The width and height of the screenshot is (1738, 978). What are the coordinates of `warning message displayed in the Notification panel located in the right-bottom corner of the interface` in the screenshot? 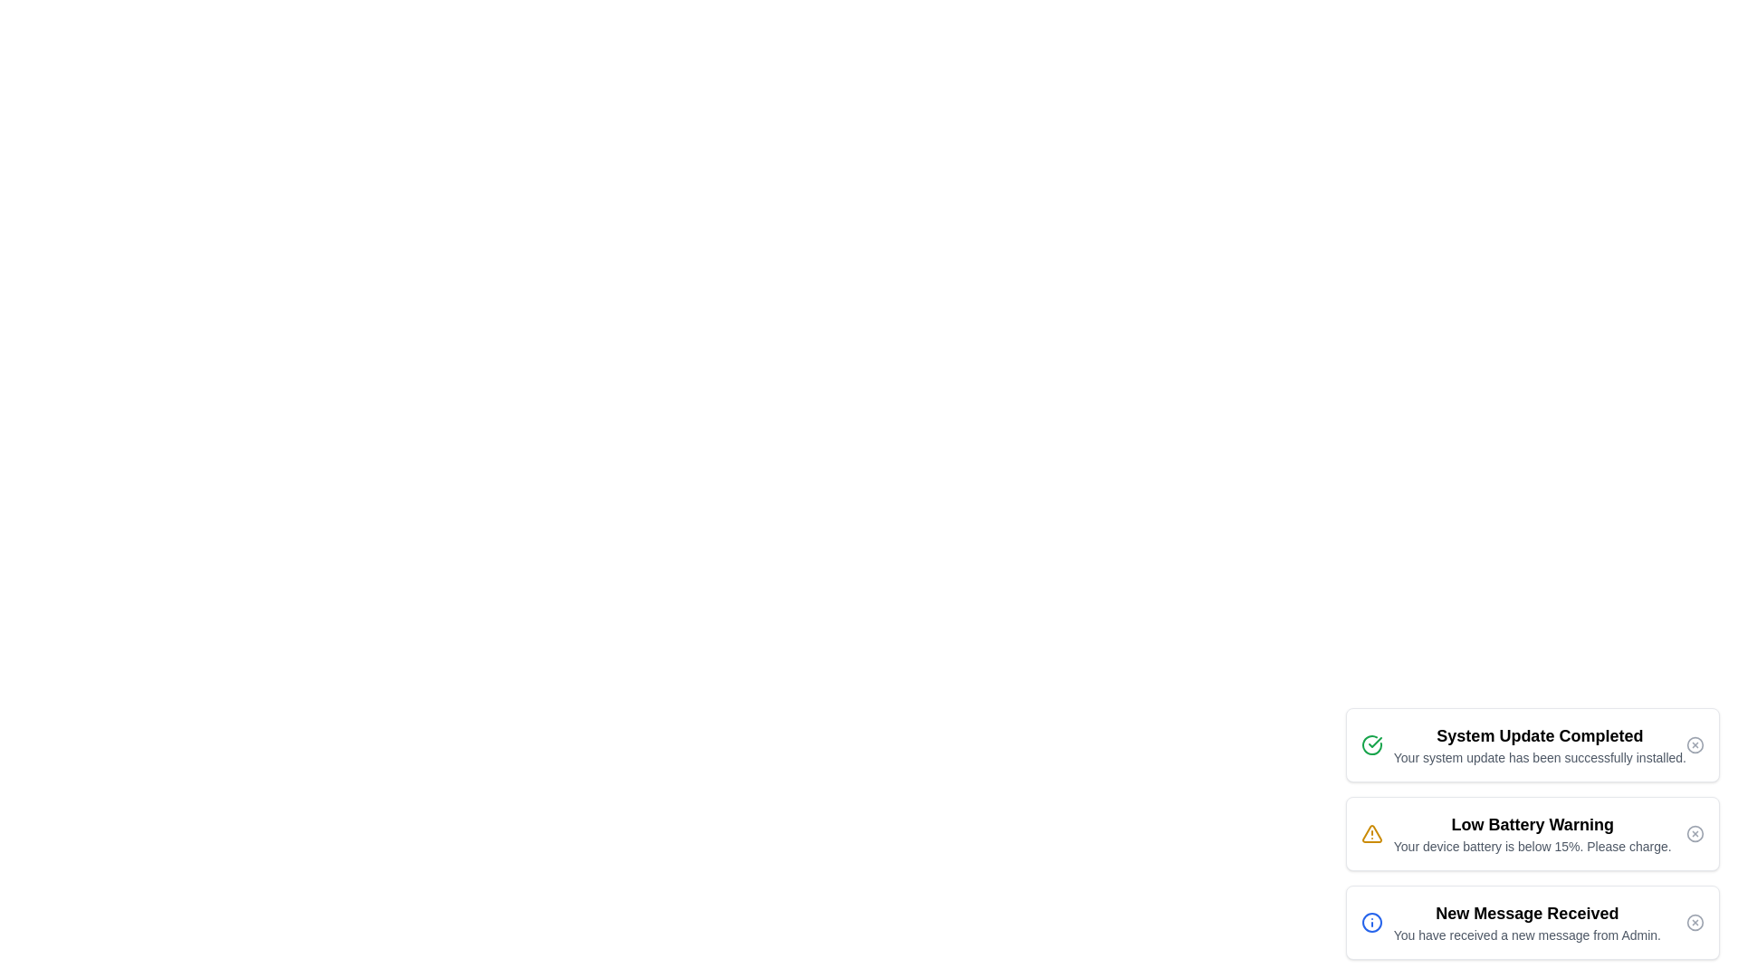 It's located at (1532, 834).